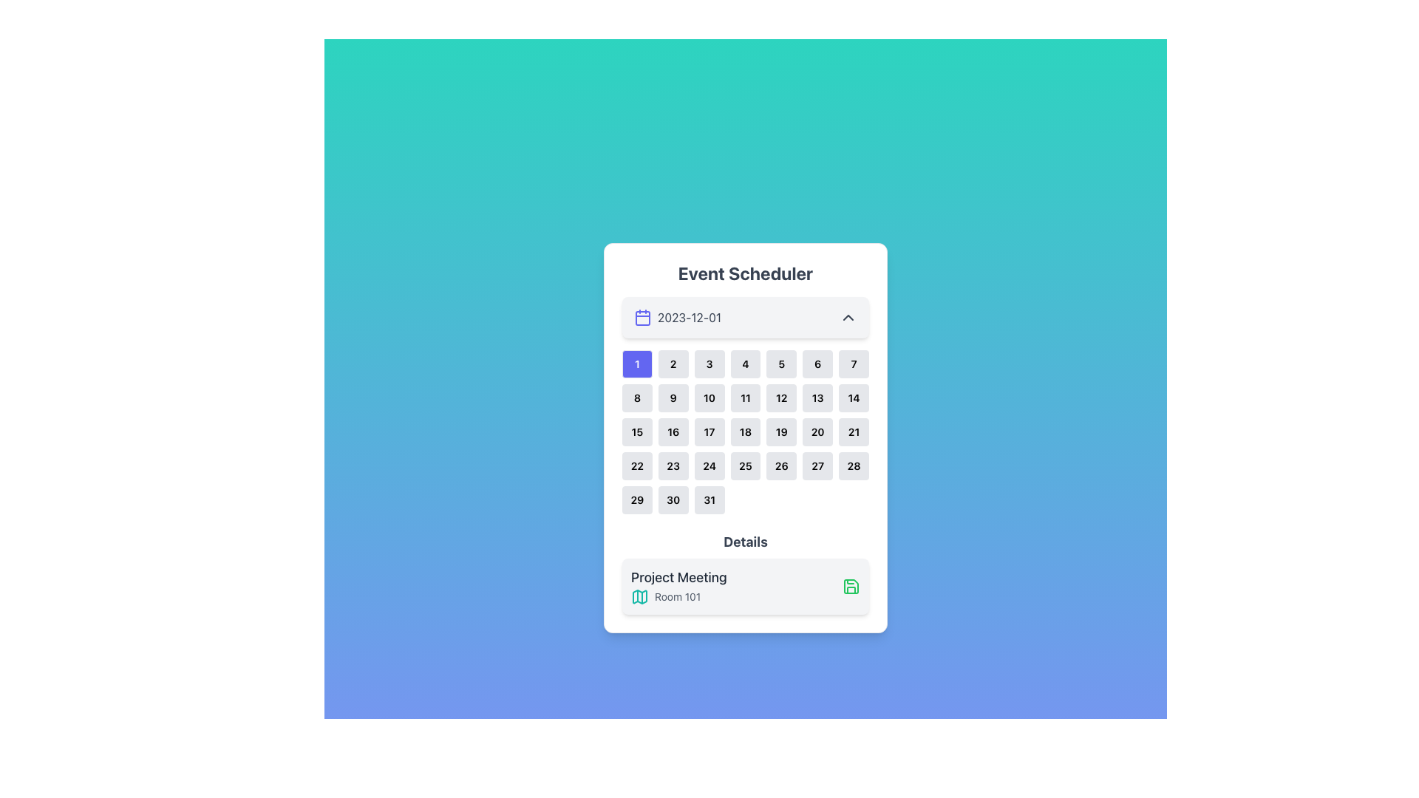  I want to click on the button representing the date '3' in the calendar view, so click(709, 364).